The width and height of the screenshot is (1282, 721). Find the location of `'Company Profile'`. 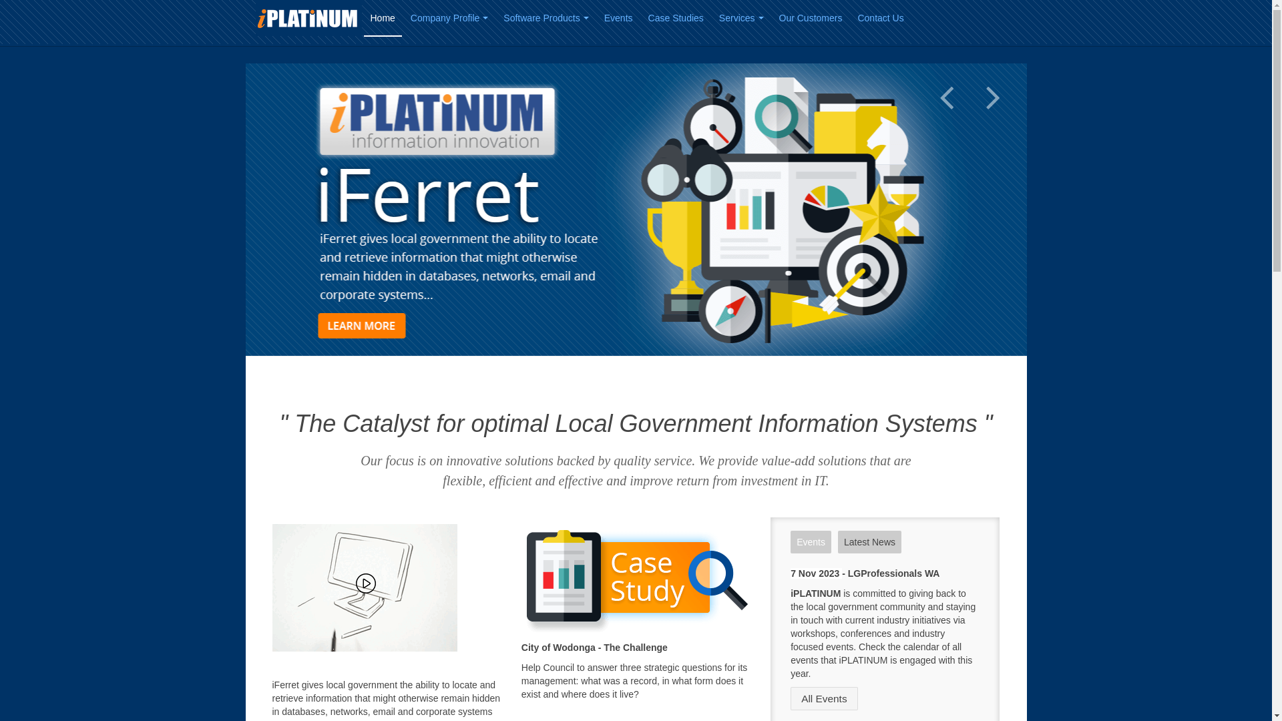

'Company Profile' is located at coordinates (449, 18).